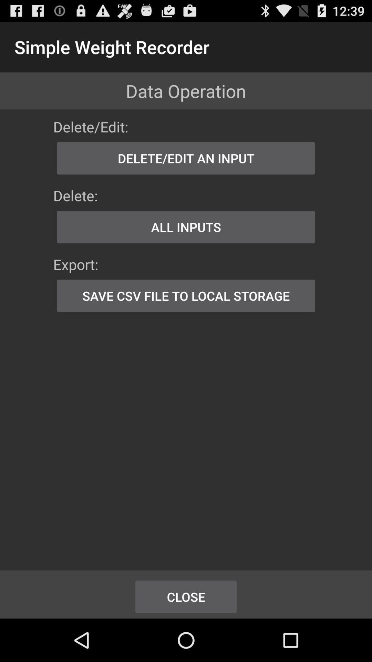  What do you see at coordinates (186, 296) in the screenshot?
I see `the icon below the export: icon` at bounding box center [186, 296].